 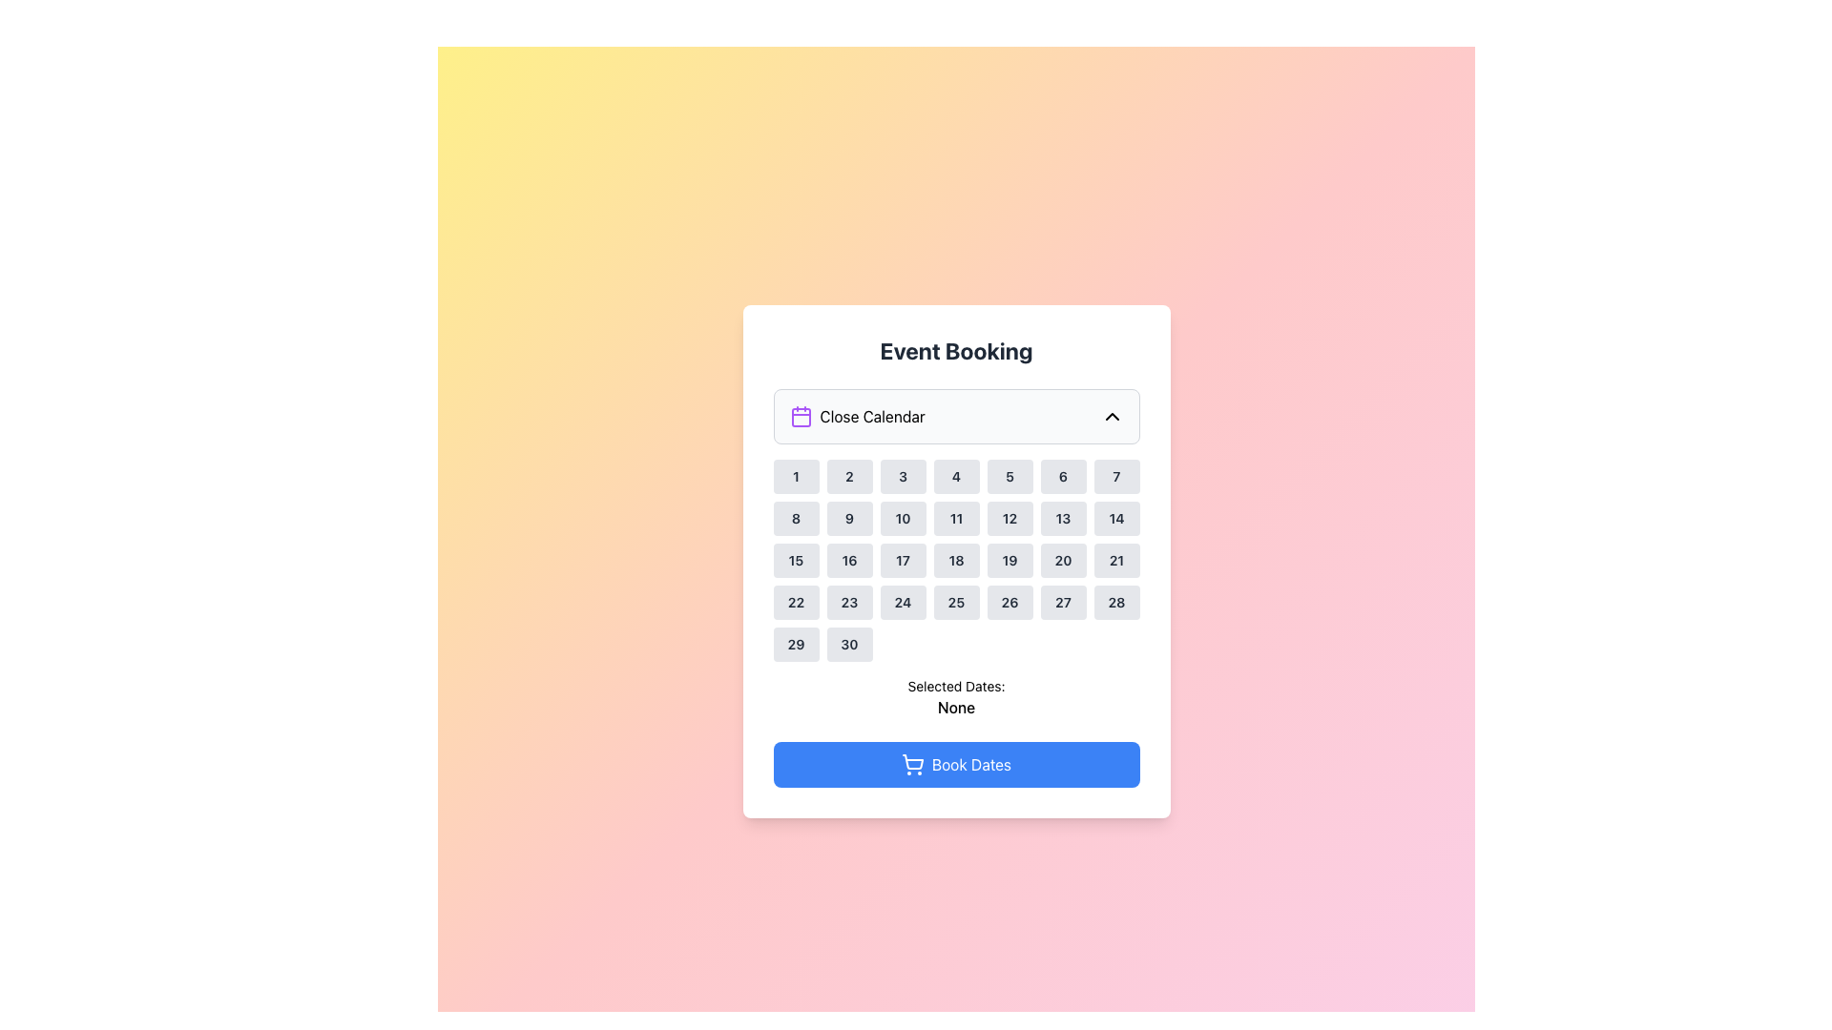 I want to click on the rectangular button with rounded edges labeled '15', so click(x=796, y=559).